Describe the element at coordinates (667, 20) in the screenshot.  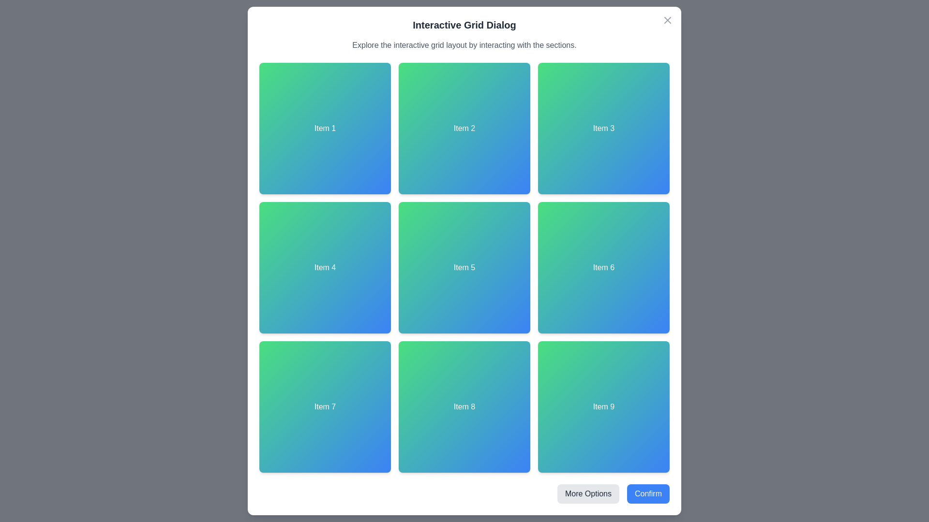
I see `close button in the top-right corner of the dialog to close it` at that location.